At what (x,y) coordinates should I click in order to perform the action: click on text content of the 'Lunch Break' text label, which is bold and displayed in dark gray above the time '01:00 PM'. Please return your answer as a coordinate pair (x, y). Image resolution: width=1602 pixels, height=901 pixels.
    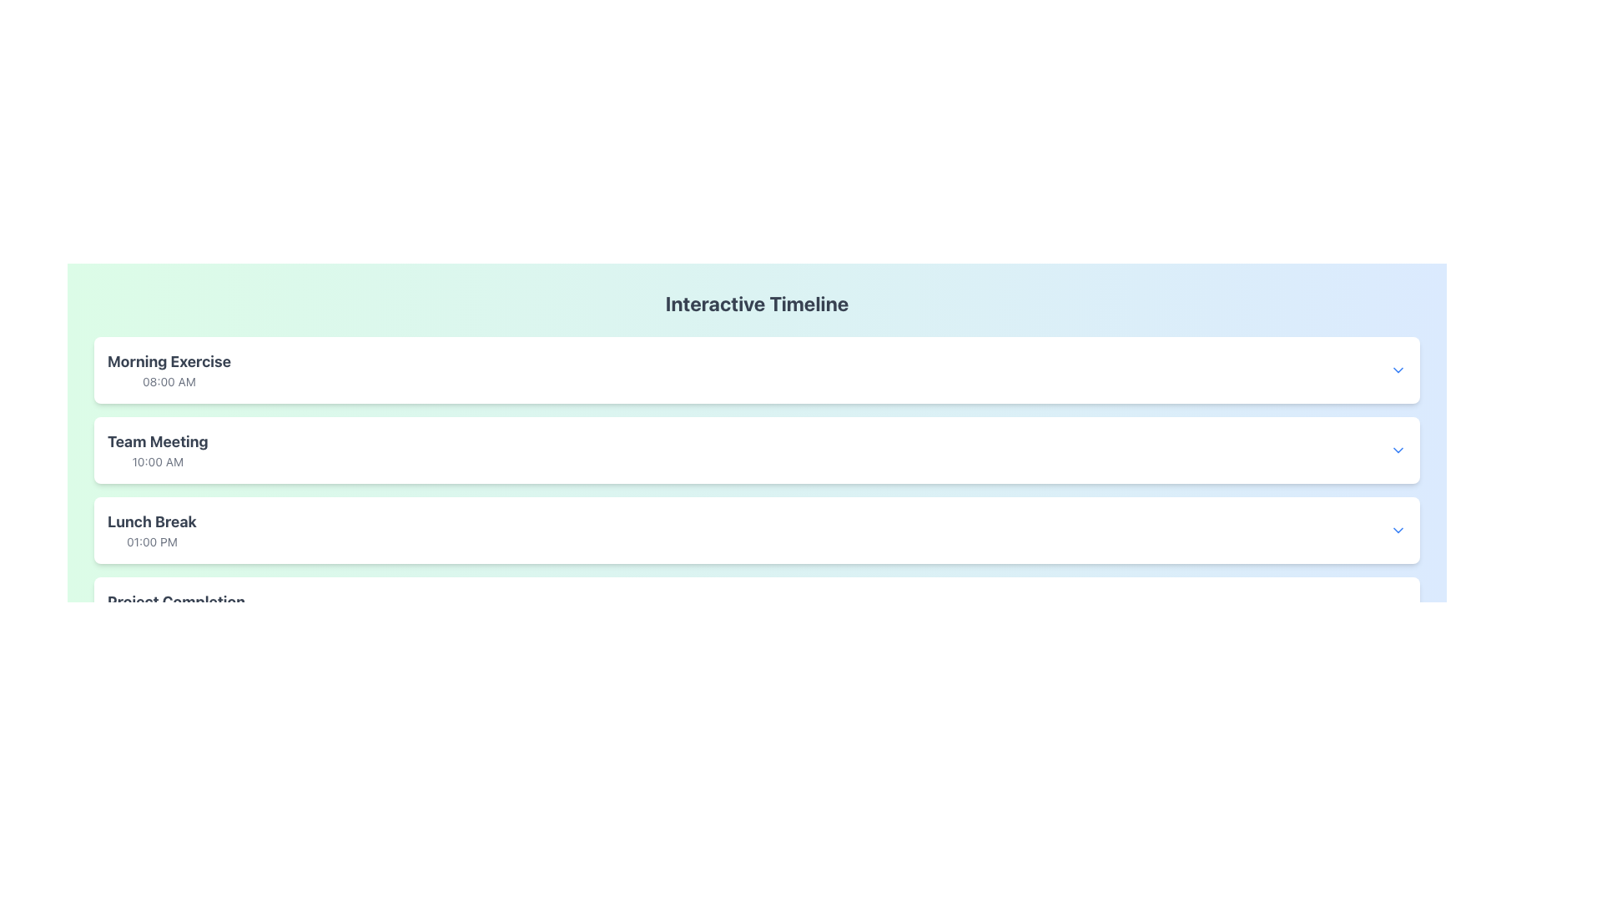
    Looking at the image, I should click on (152, 521).